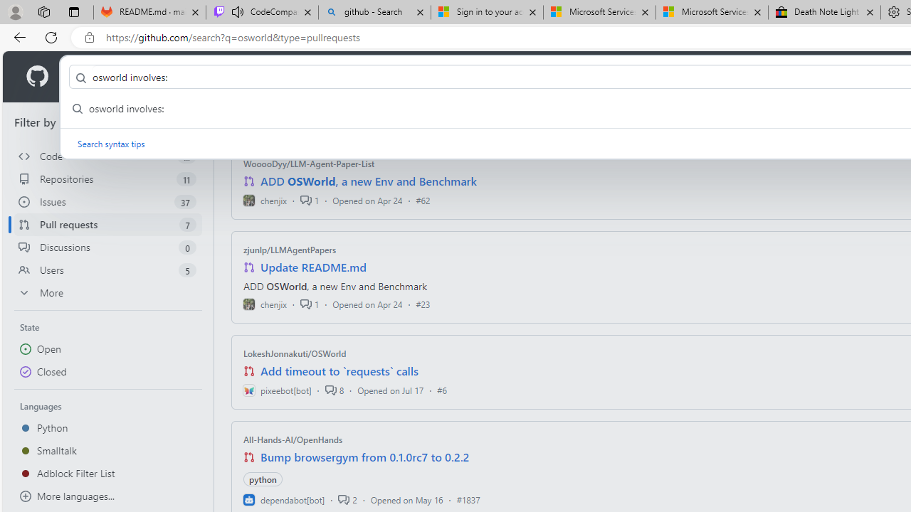 The height and width of the screenshot is (512, 911). Describe the element at coordinates (107, 496) in the screenshot. I see `'More languages...'` at that location.